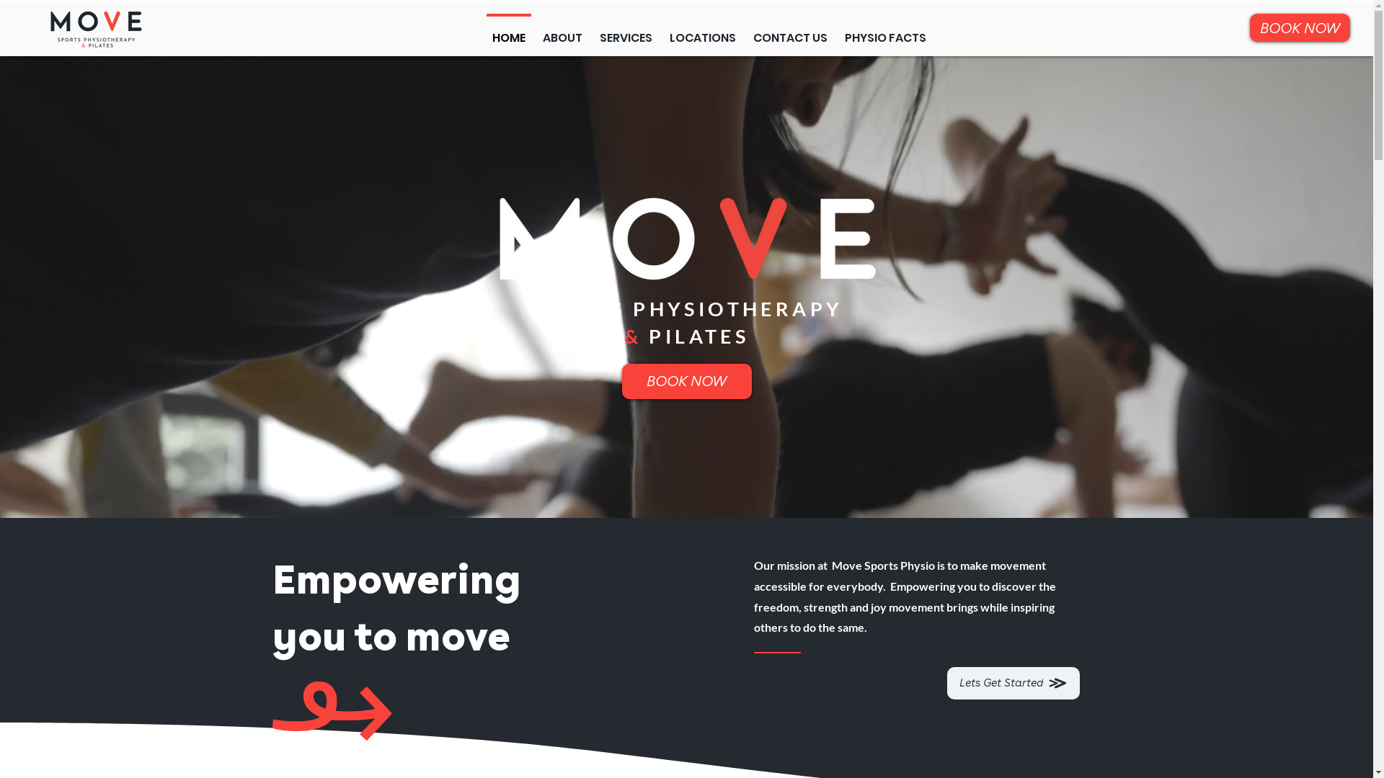 Image resolution: width=1384 pixels, height=778 pixels. What do you see at coordinates (562, 31) in the screenshot?
I see `'ABOUT'` at bounding box center [562, 31].